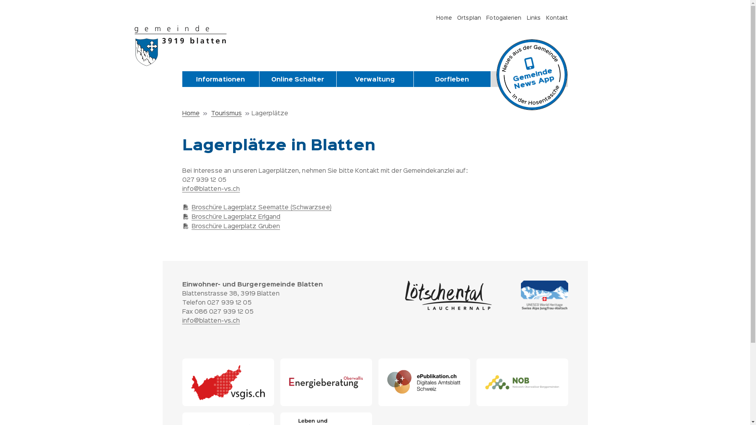  I want to click on 'Links', so click(527, 18).